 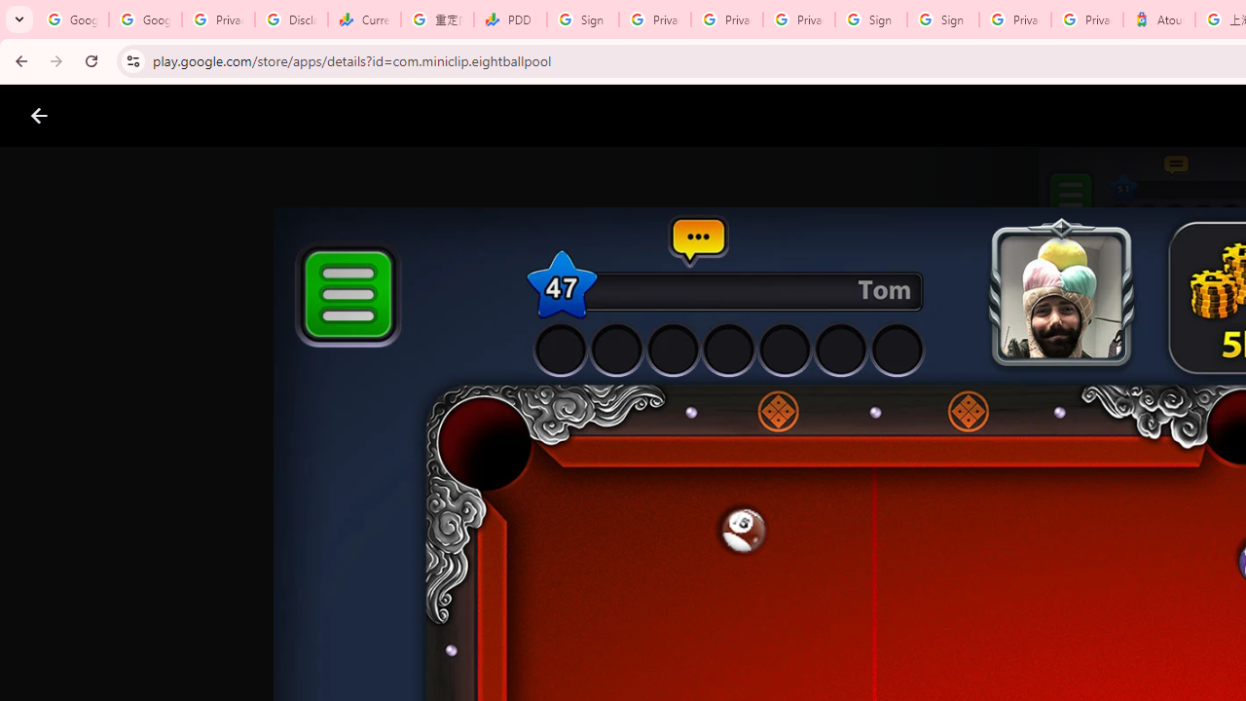 I want to click on 'More info about this content rating', so click(x=986, y=659).